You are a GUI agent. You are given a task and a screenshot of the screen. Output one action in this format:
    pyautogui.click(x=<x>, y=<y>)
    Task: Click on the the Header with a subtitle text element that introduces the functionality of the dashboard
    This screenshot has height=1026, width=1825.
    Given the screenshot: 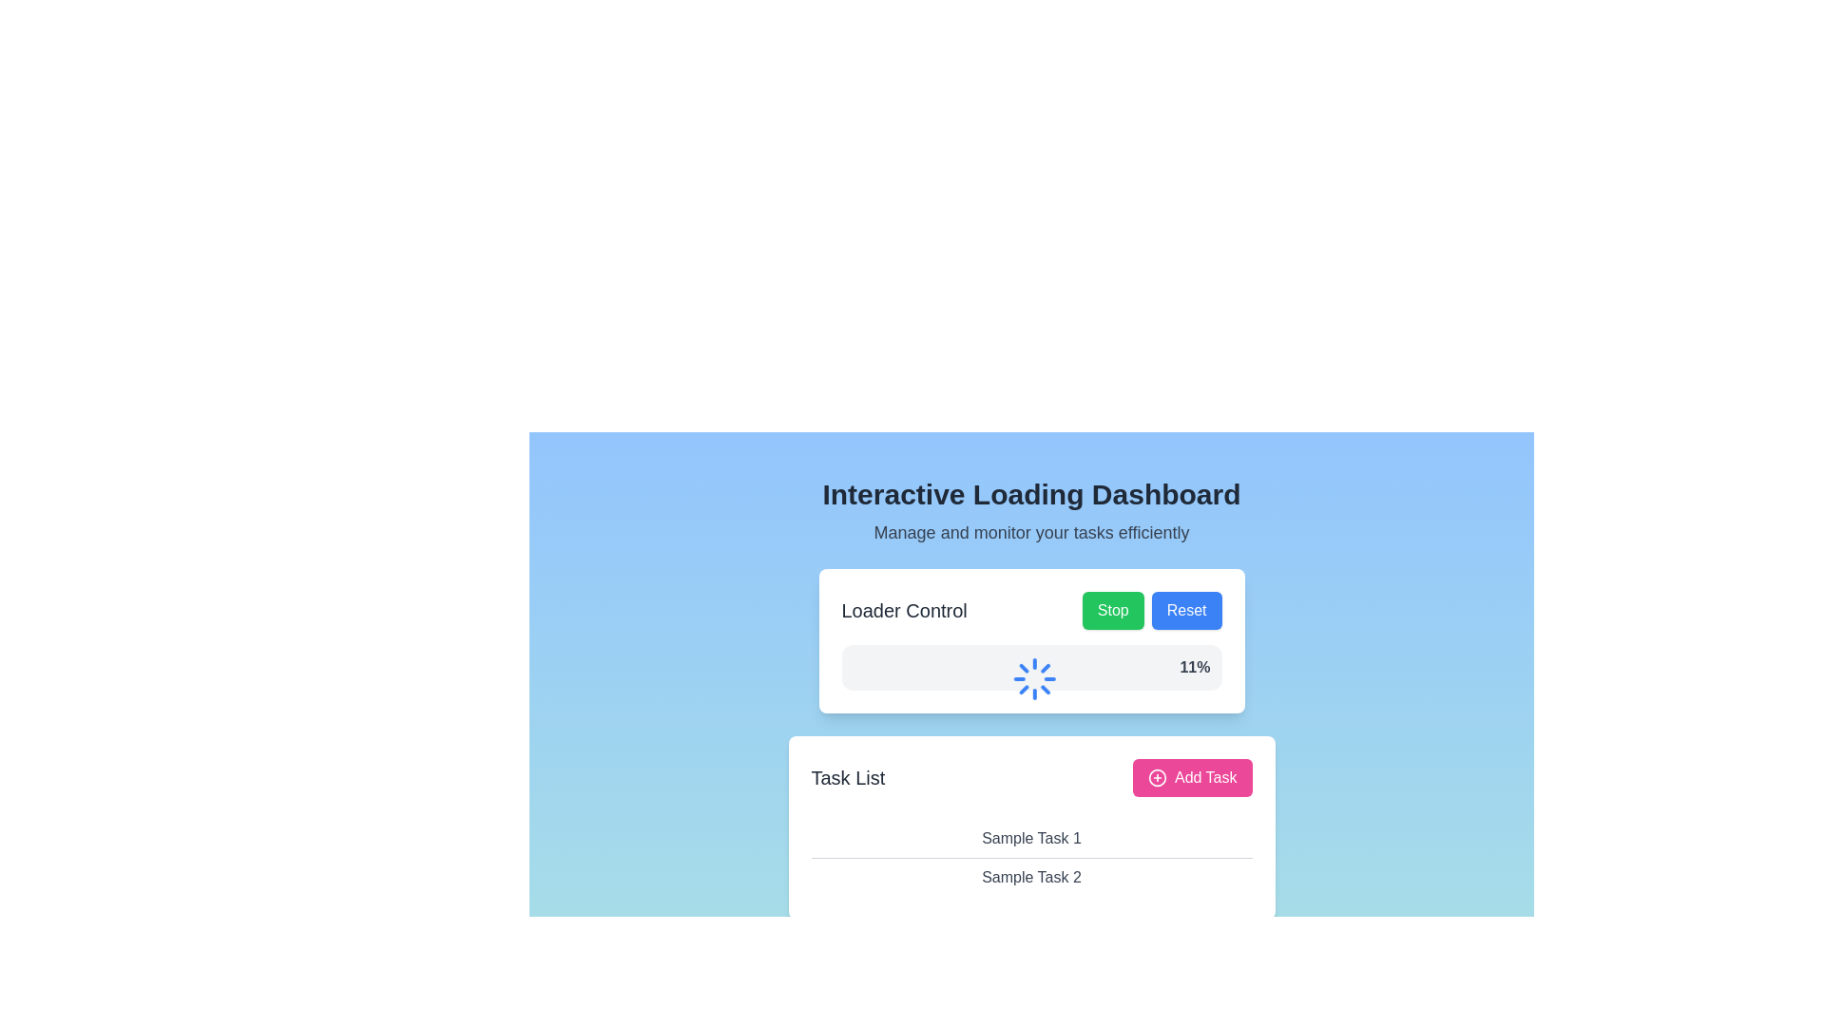 What is the action you would take?
    pyautogui.click(x=1030, y=511)
    